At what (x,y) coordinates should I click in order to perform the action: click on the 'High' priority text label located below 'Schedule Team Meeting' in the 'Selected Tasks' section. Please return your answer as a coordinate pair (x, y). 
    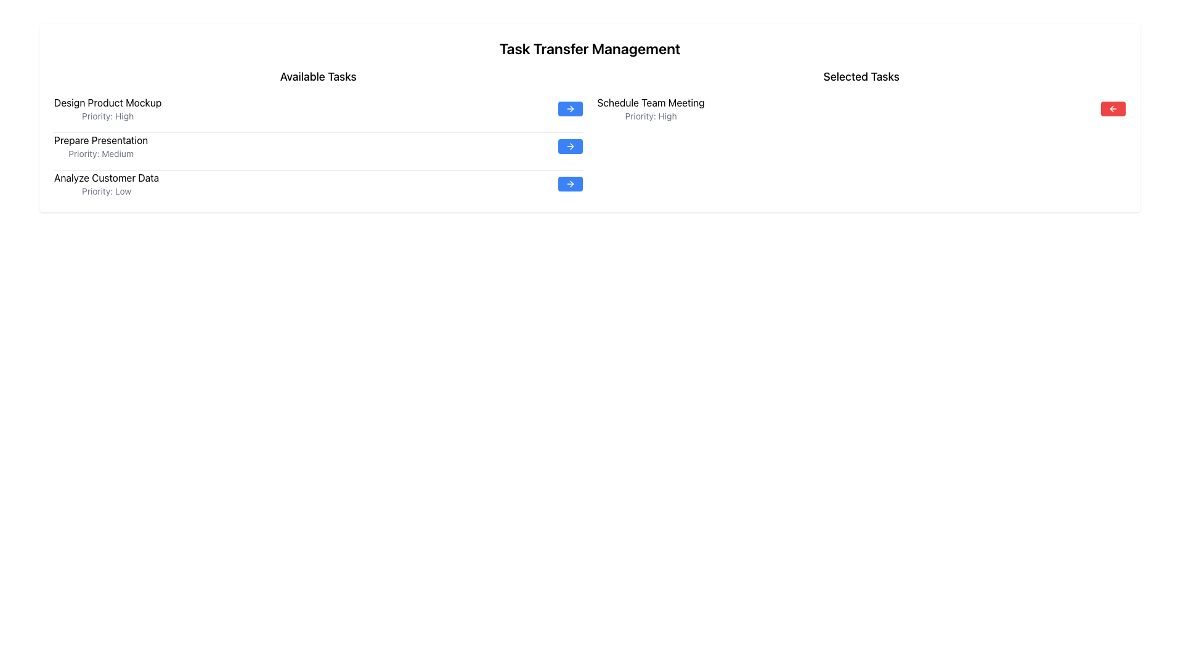
    Looking at the image, I should click on (650, 116).